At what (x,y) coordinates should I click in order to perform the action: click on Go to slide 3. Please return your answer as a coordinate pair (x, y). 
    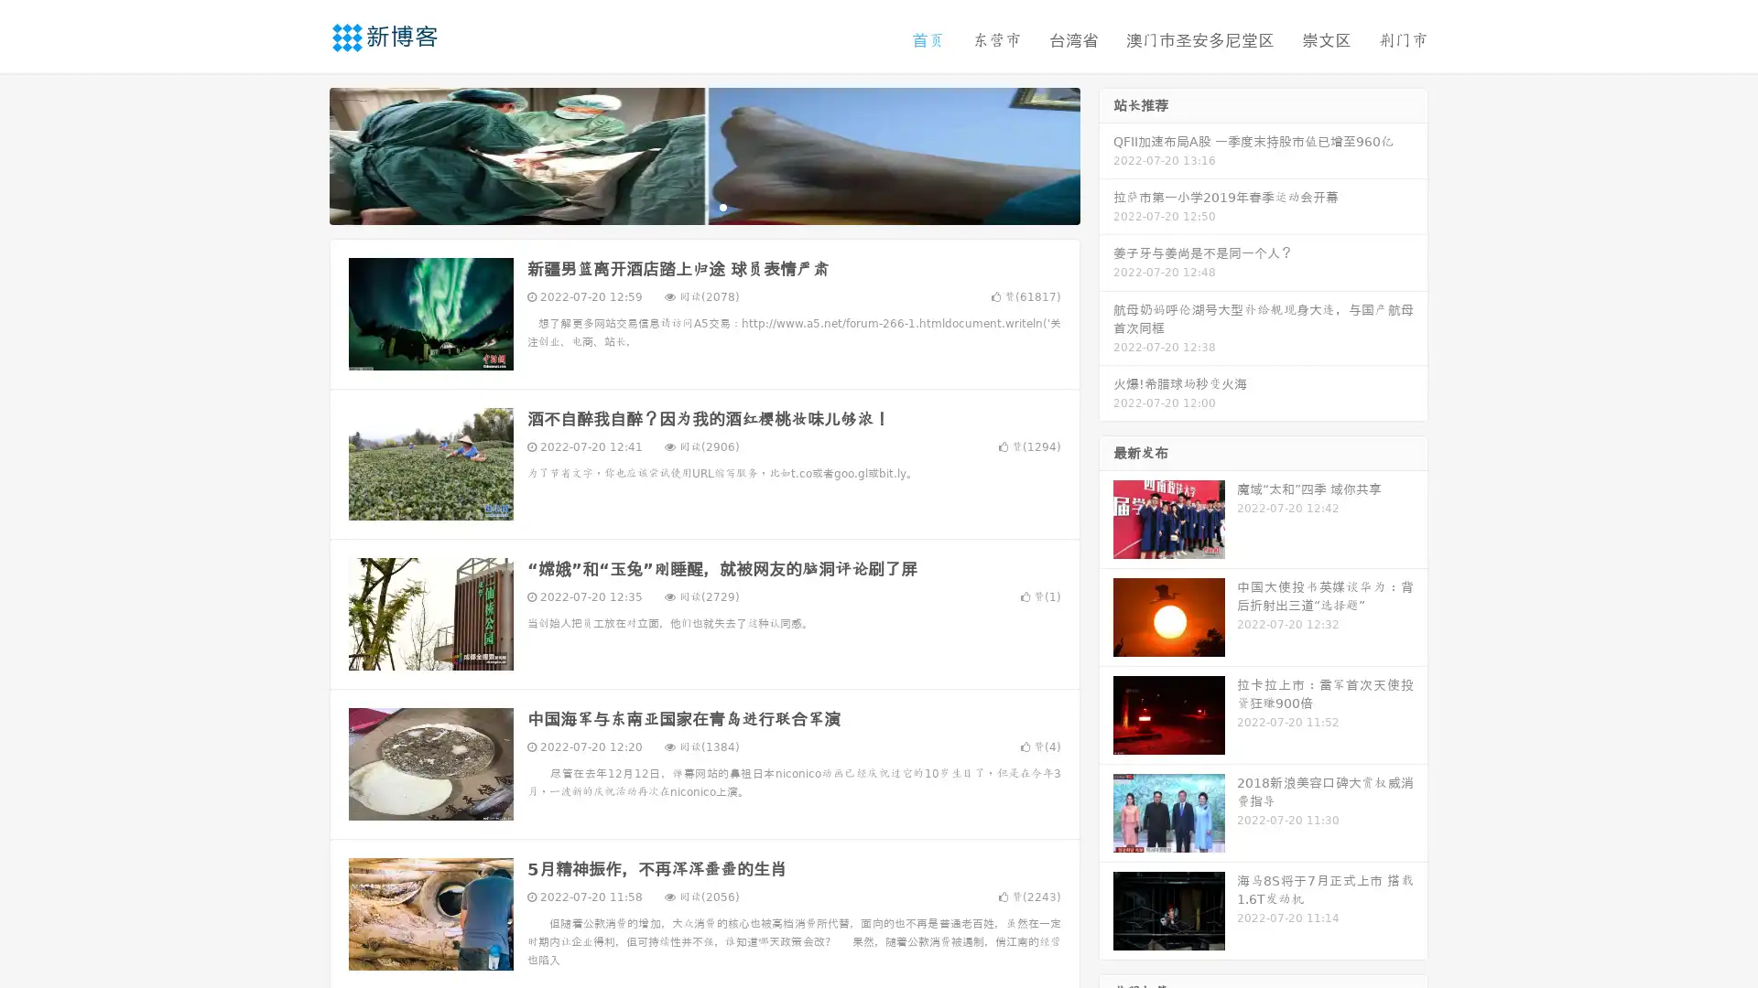
    Looking at the image, I should click on (722, 206).